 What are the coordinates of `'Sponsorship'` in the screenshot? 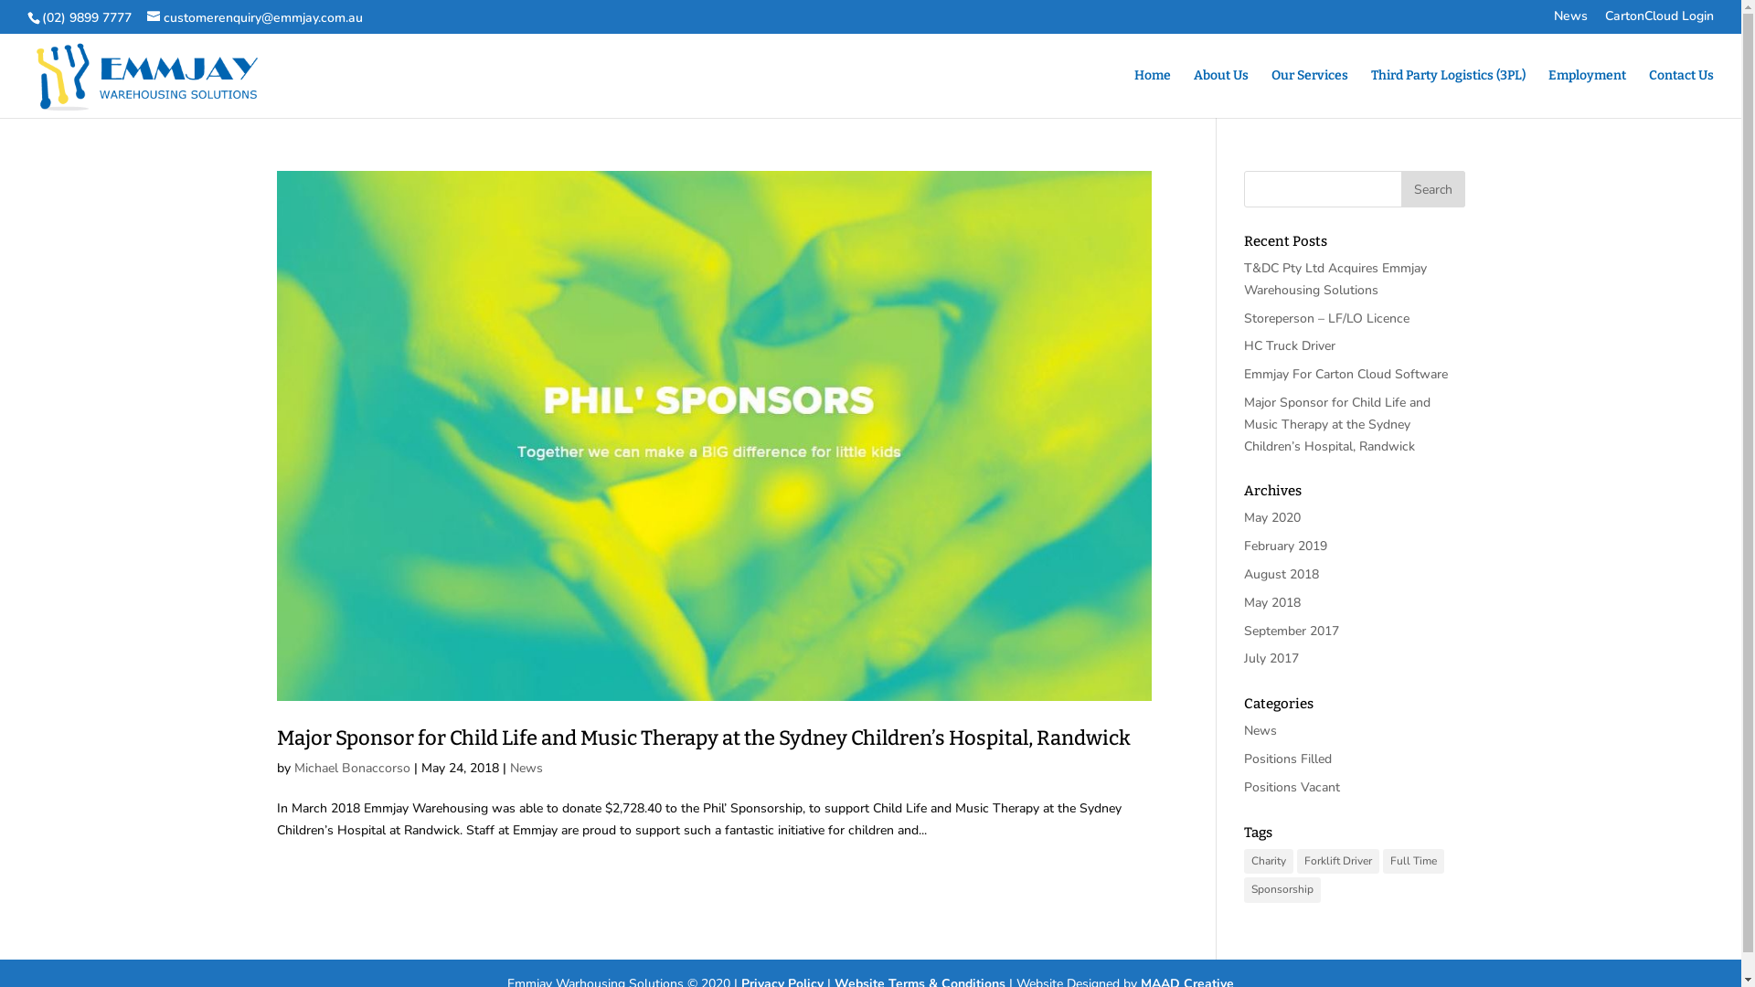 It's located at (1243, 889).